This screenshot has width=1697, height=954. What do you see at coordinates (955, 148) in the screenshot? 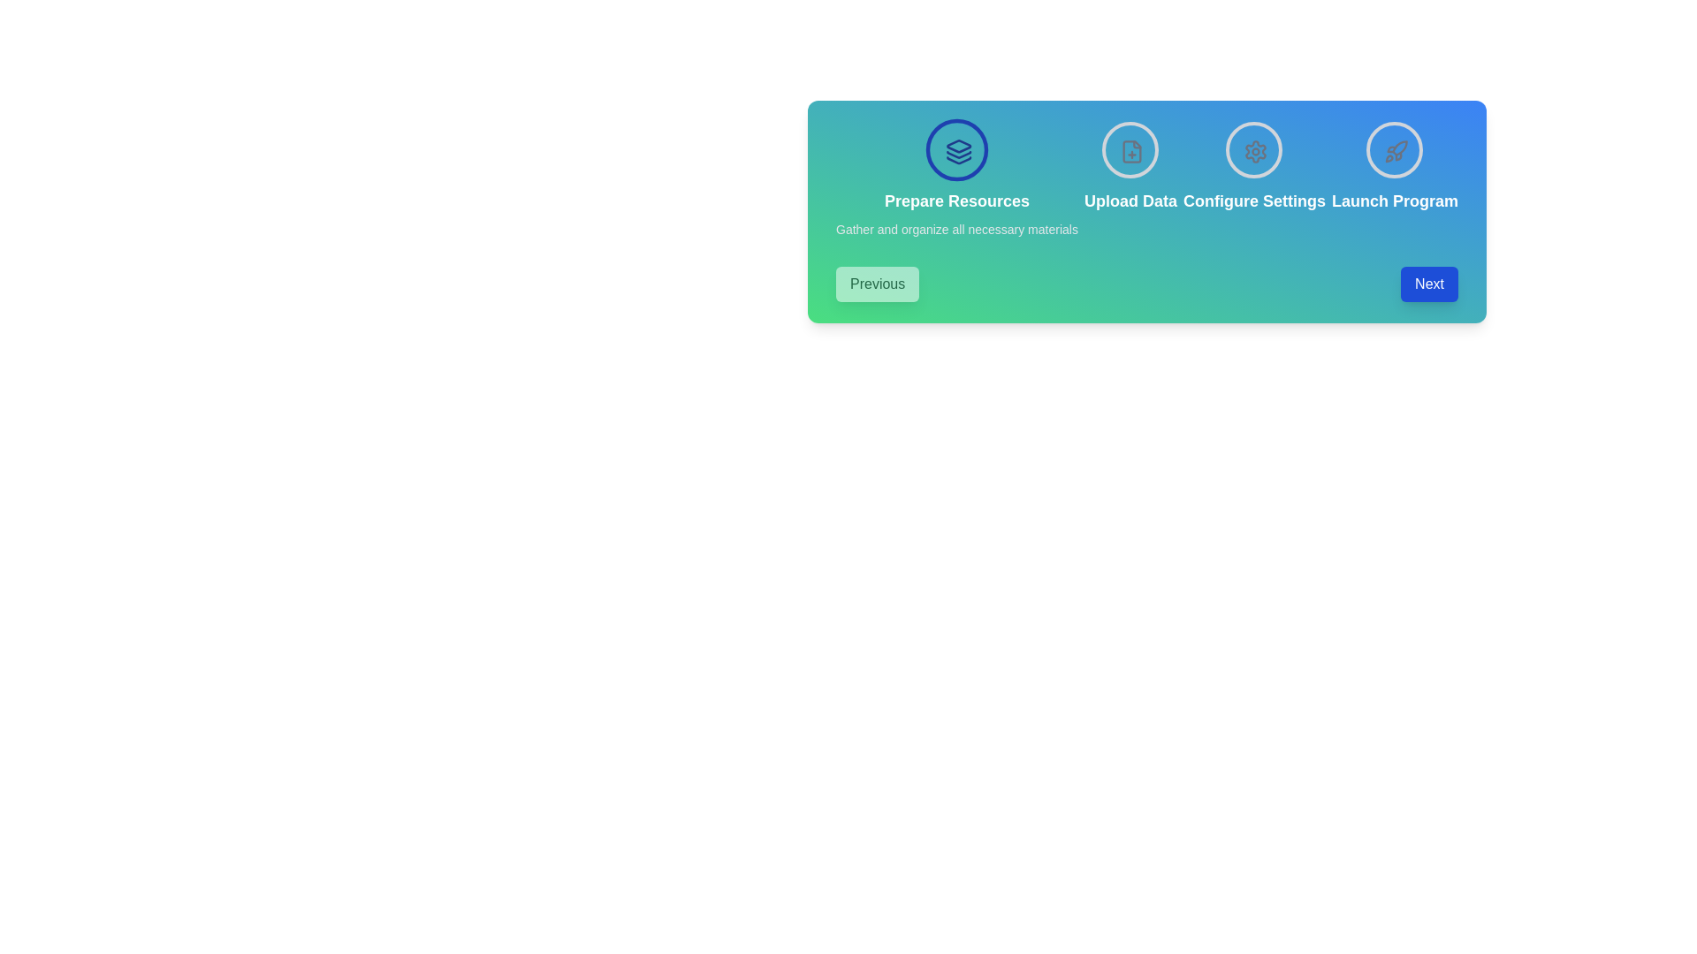
I see `the step icon corresponding to Prepare Resources` at bounding box center [955, 148].